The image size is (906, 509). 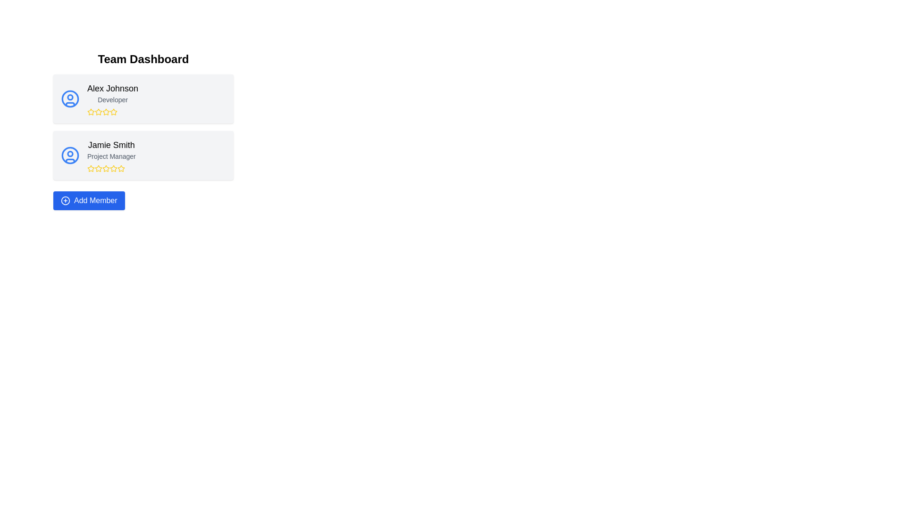 What do you see at coordinates (113, 168) in the screenshot?
I see `the fourth star icon, which is styled with a yellow fill and is part of the rating component for the user card of 'Jamie Smith' in the Team Dashboard interface` at bounding box center [113, 168].